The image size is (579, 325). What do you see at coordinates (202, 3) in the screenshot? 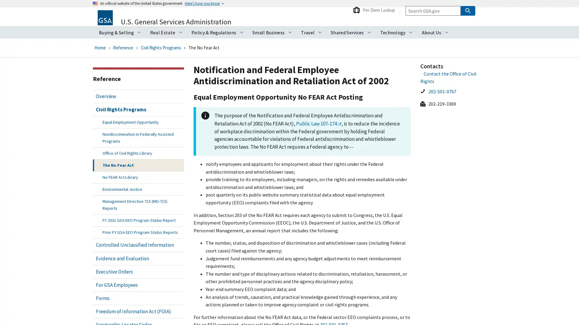
I see `Heres how you know` at bounding box center [202, 3].